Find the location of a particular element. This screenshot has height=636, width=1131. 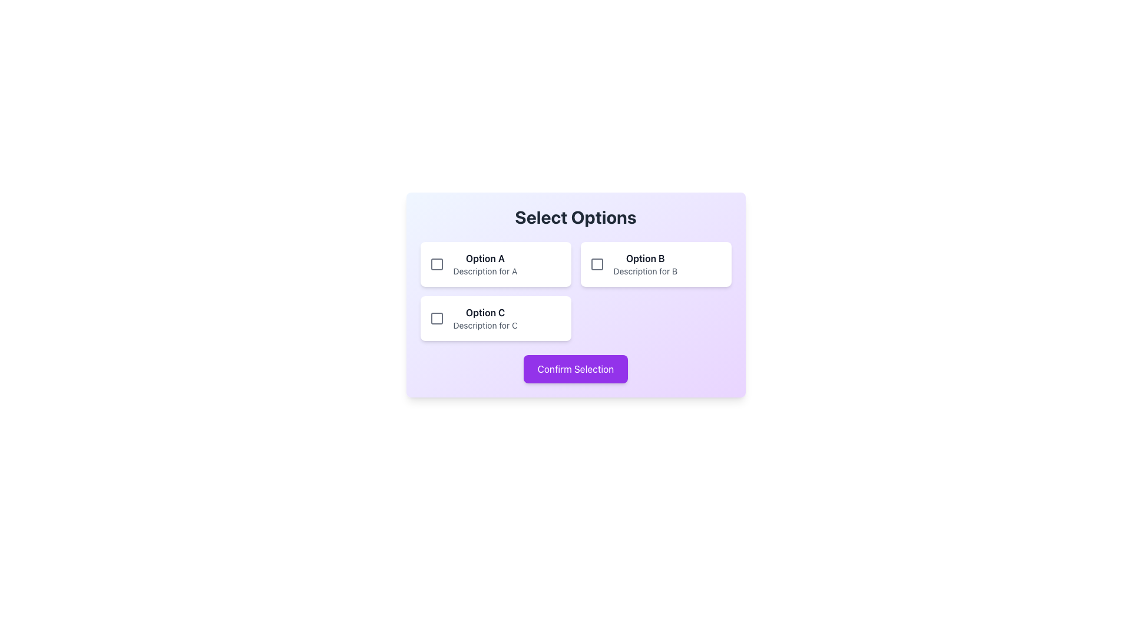

the top-left selectable option text block with a checkbox is located at coordinates (485, 263).